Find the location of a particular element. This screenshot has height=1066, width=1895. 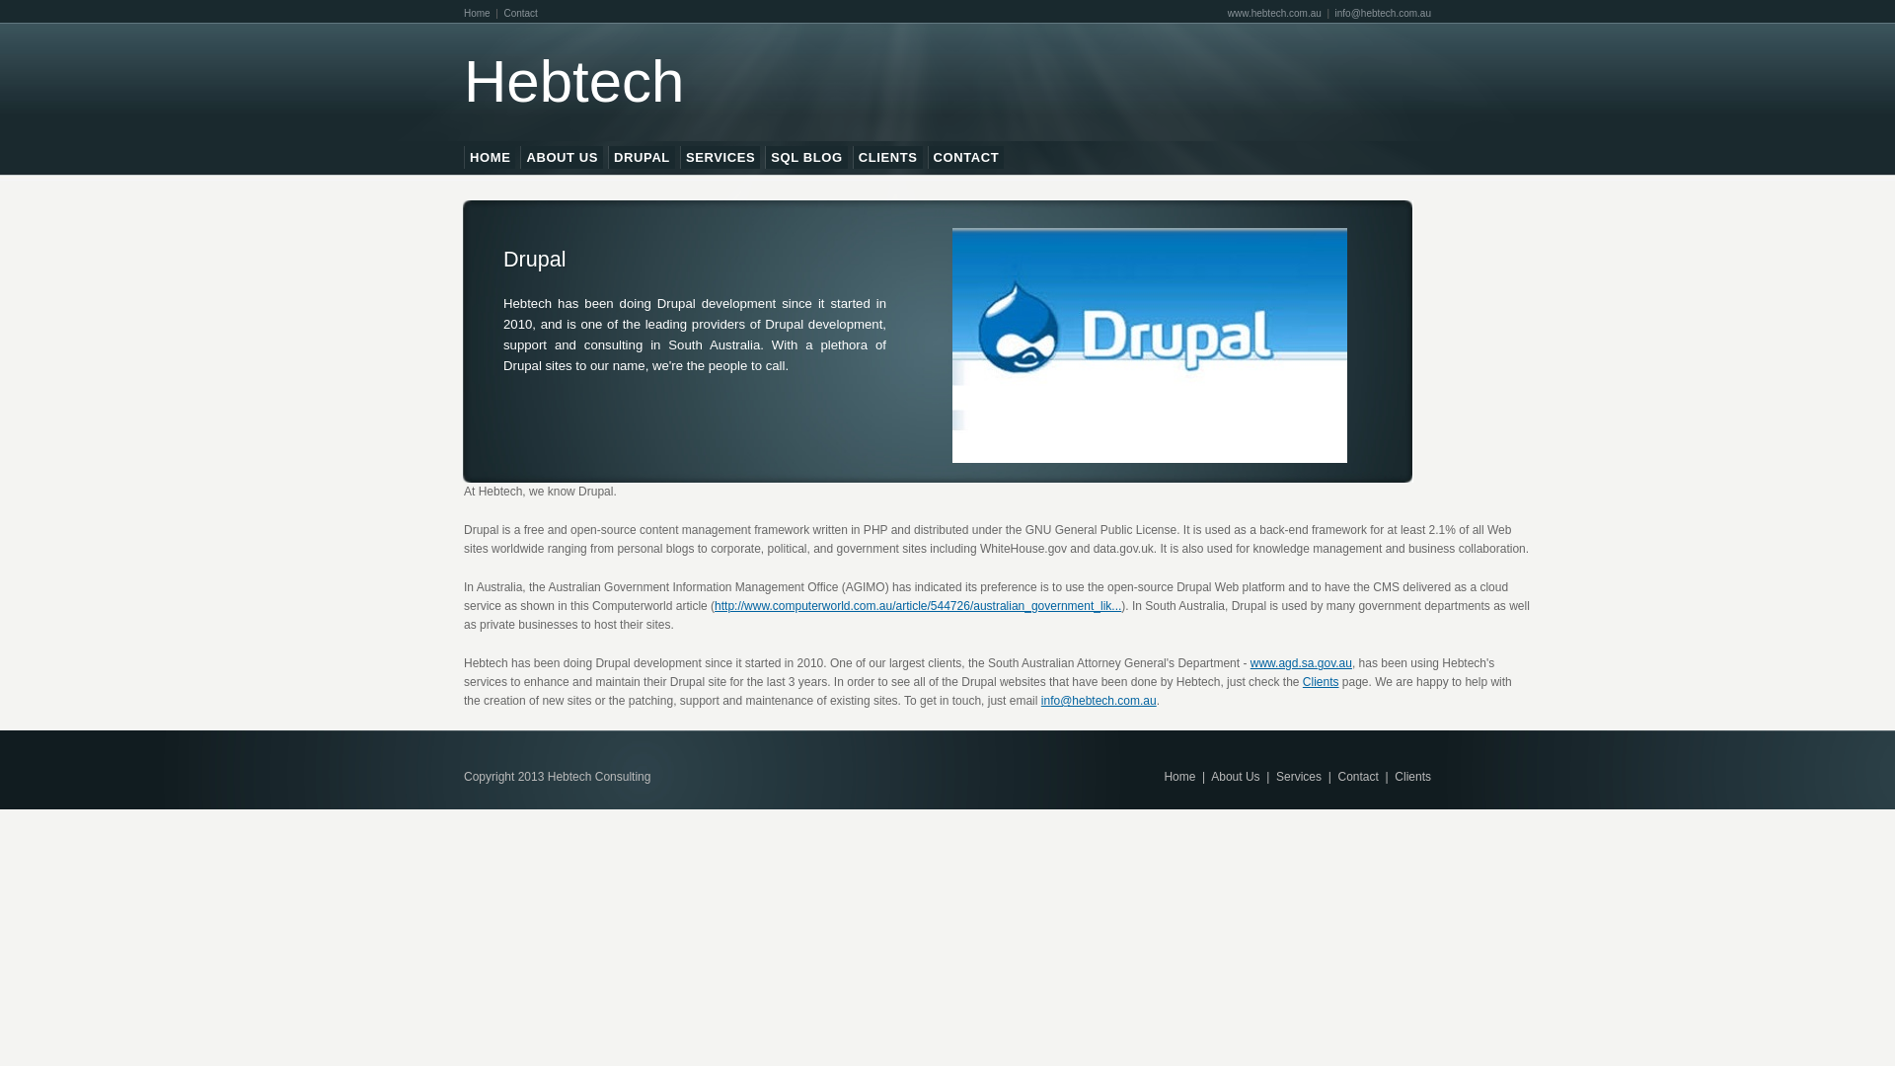

'SQL BLOG' is located at coordinates (805, 156).